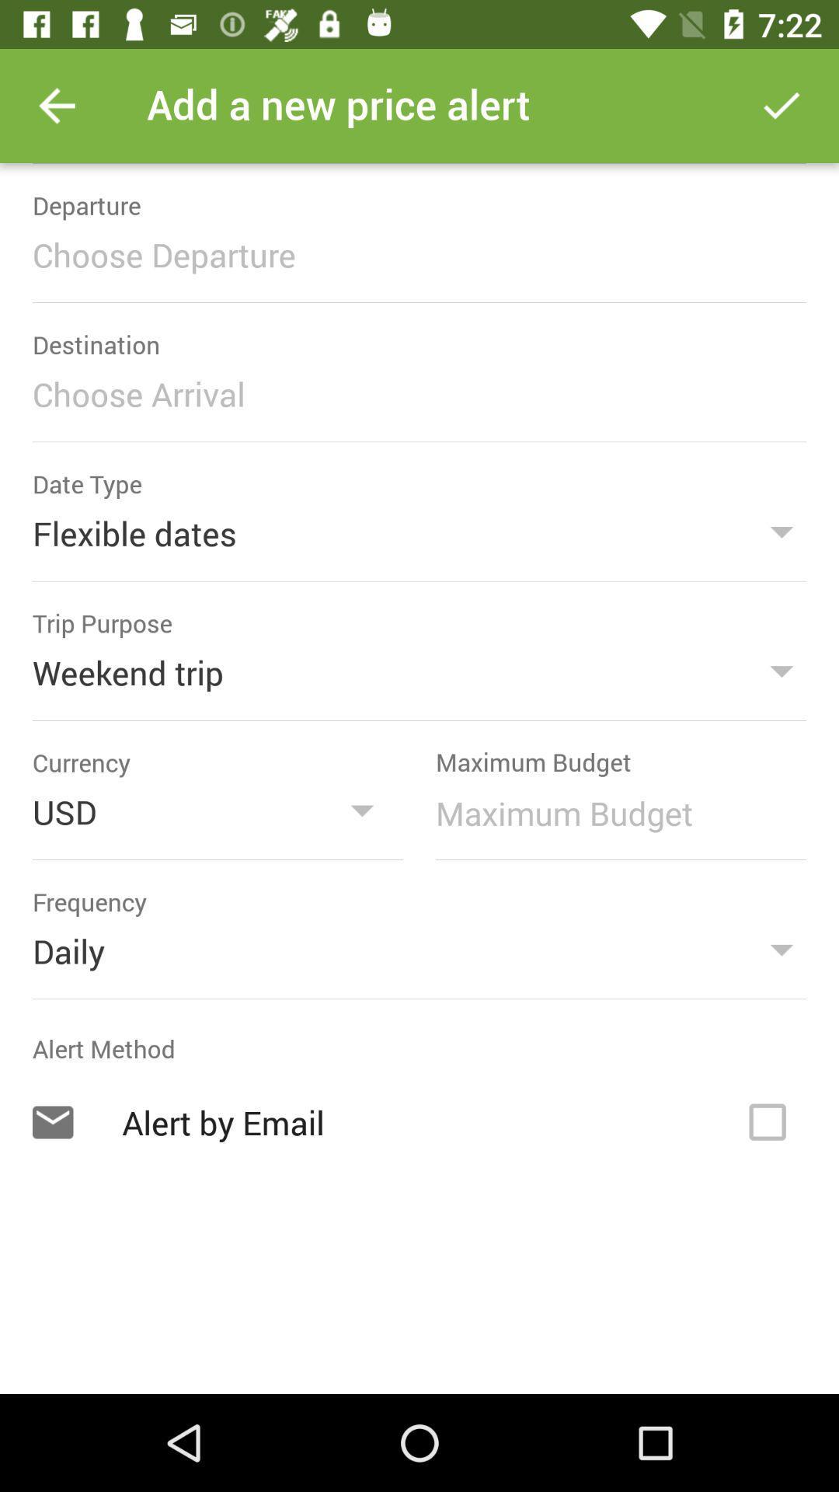 Image resolution: width=839 pixels, height=1492 pixels. Describe the element at coordinates (612, 812) in the screenshot. I see `maximum budget entry` at that location.